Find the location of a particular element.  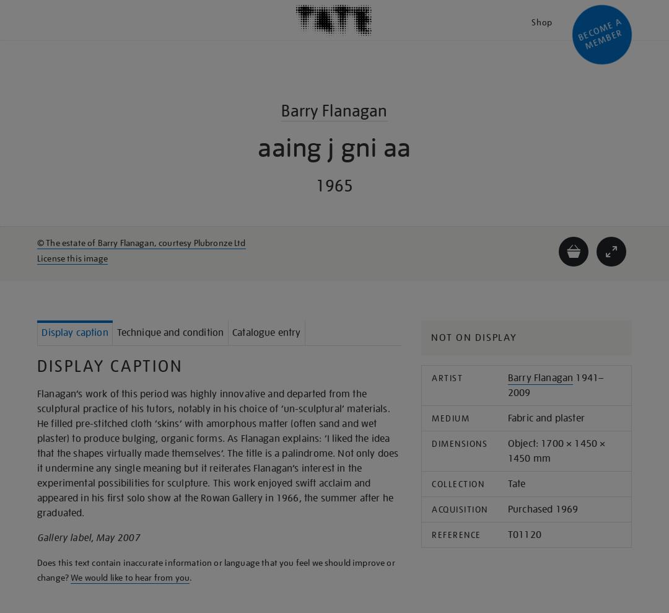

'Artist' is located at coordinates (447, 378).